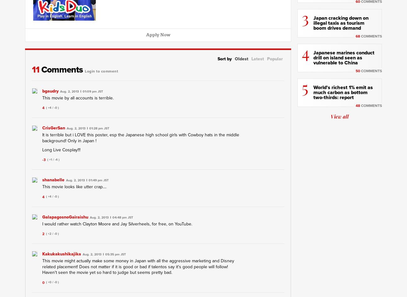 This screenshot has height=297, width=407. I want to click on '50', so click(358, 71).